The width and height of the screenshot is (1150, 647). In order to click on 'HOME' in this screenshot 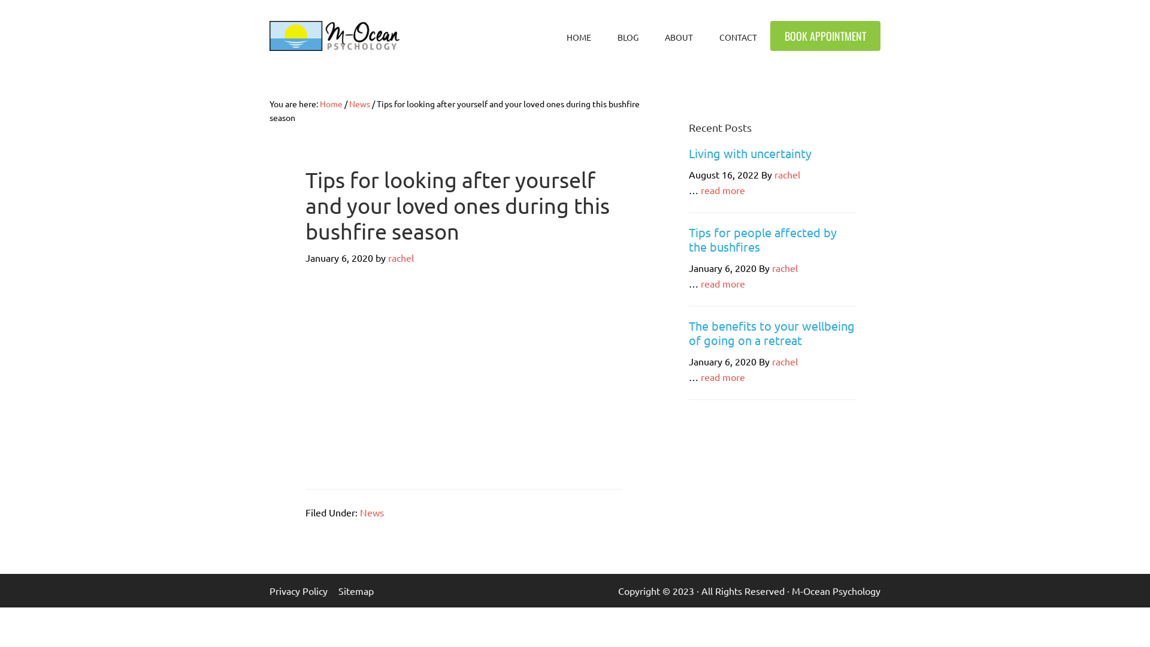, I will do `click(579, 36)`.